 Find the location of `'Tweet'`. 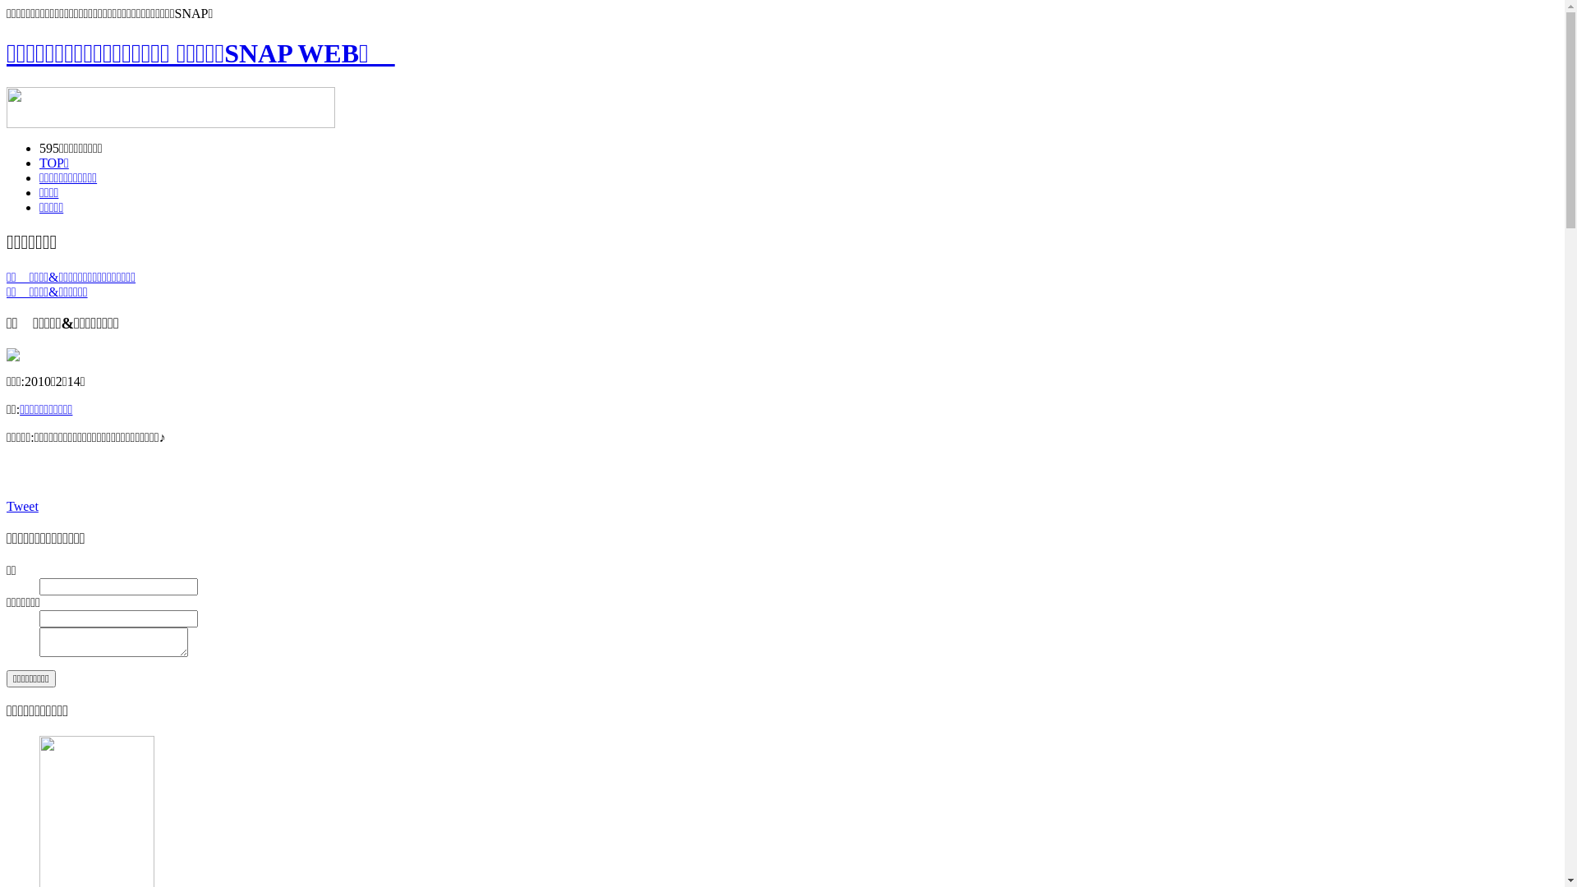

'Tweet' is located at coordinates (22, 505).